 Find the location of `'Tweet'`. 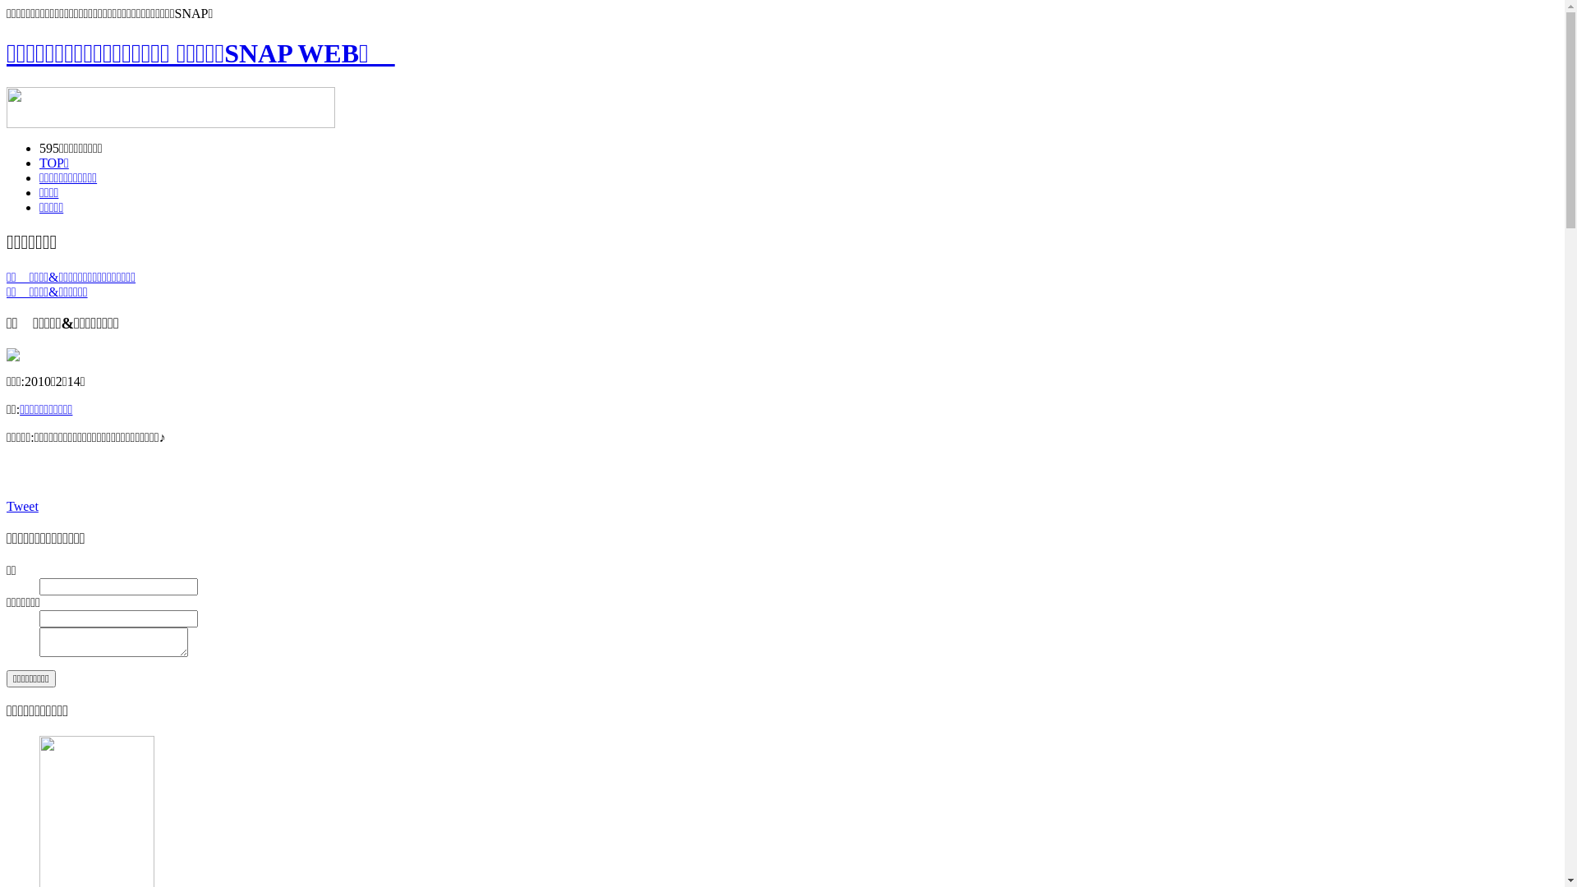

'Tweet' is located at coordinates (22, 505).